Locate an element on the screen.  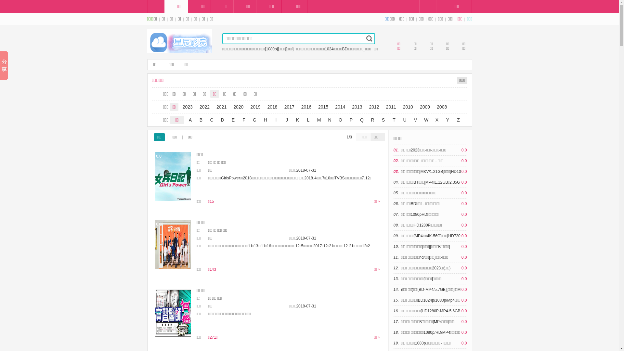
'C' is located at coordinates (212, 120).